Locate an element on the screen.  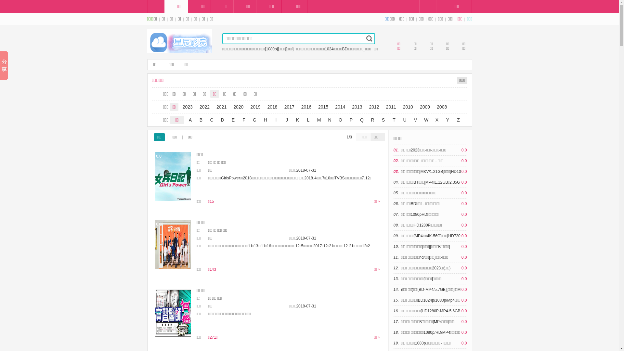
'C' is located at coordinates (212, 120).